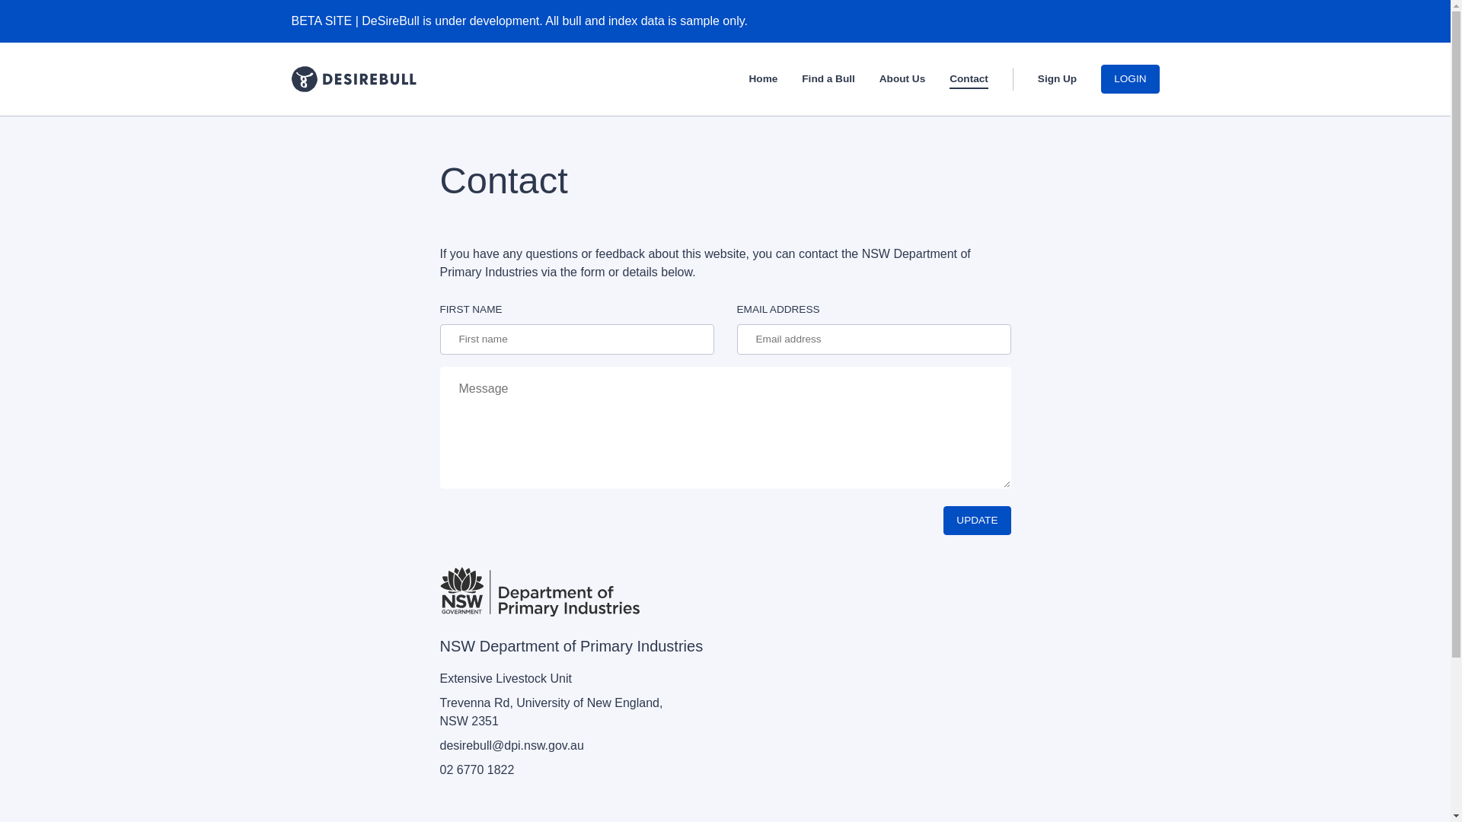 The width and height of the screenshot is (1462, 822). I want to click on 'LOGIN', so click(1129, 79).